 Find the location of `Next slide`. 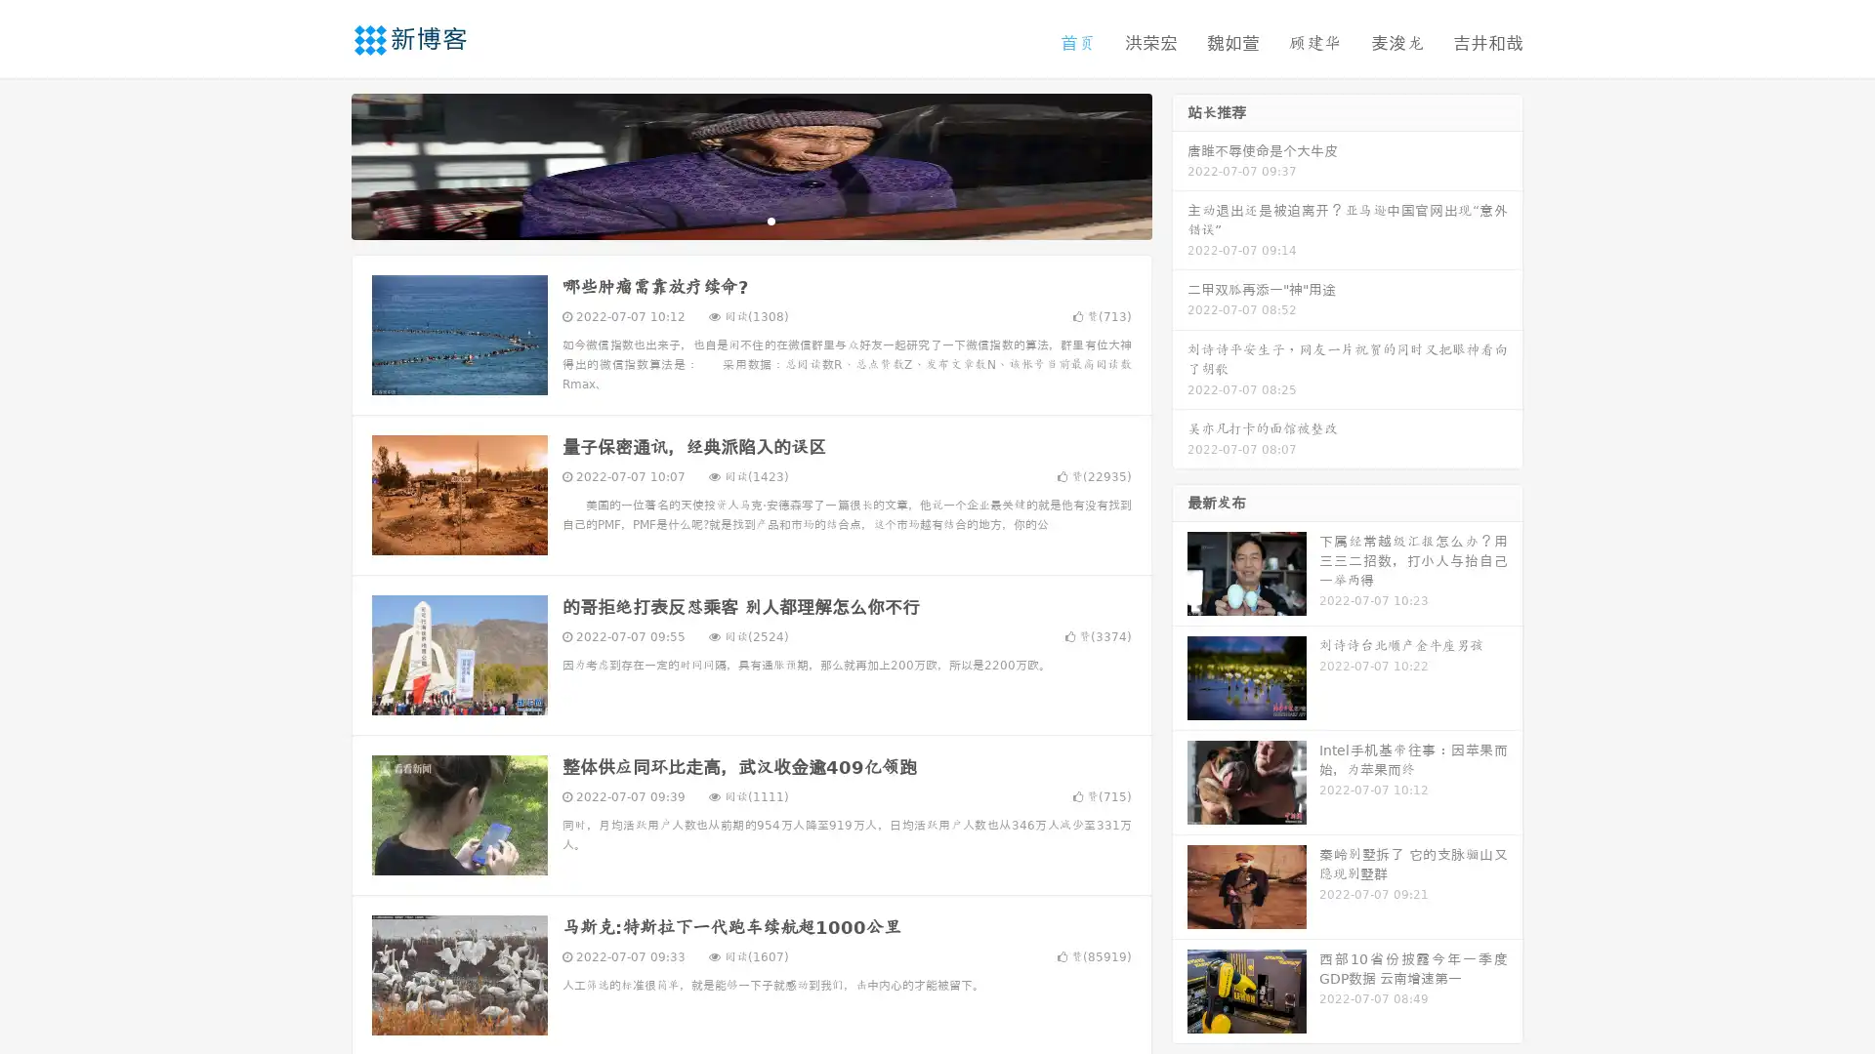

Next slide is located at coordinates (1180, 164).